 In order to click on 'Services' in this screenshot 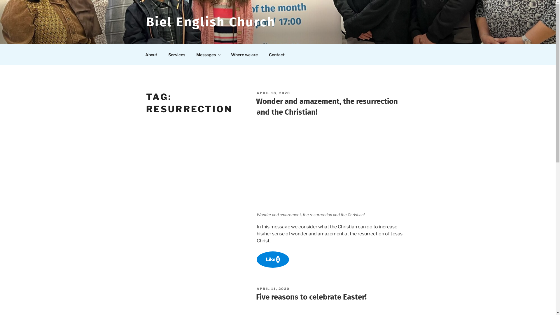, I will do `click(163, 54)`.